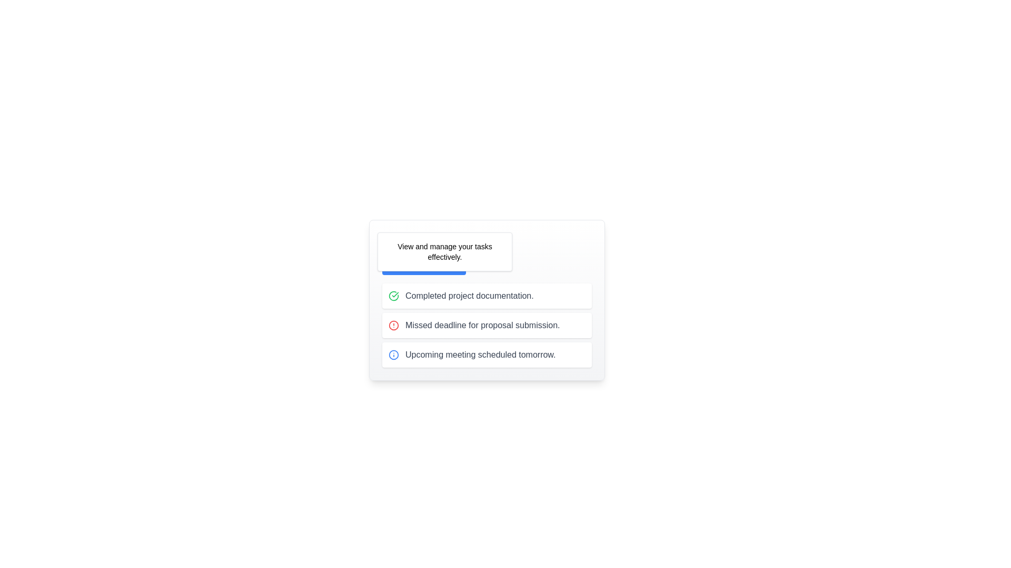  I want to click on the notification card that alerts the user about an important upcoming event, located at the center of the third card in a vertical stack of three cards, so click(487, 355).